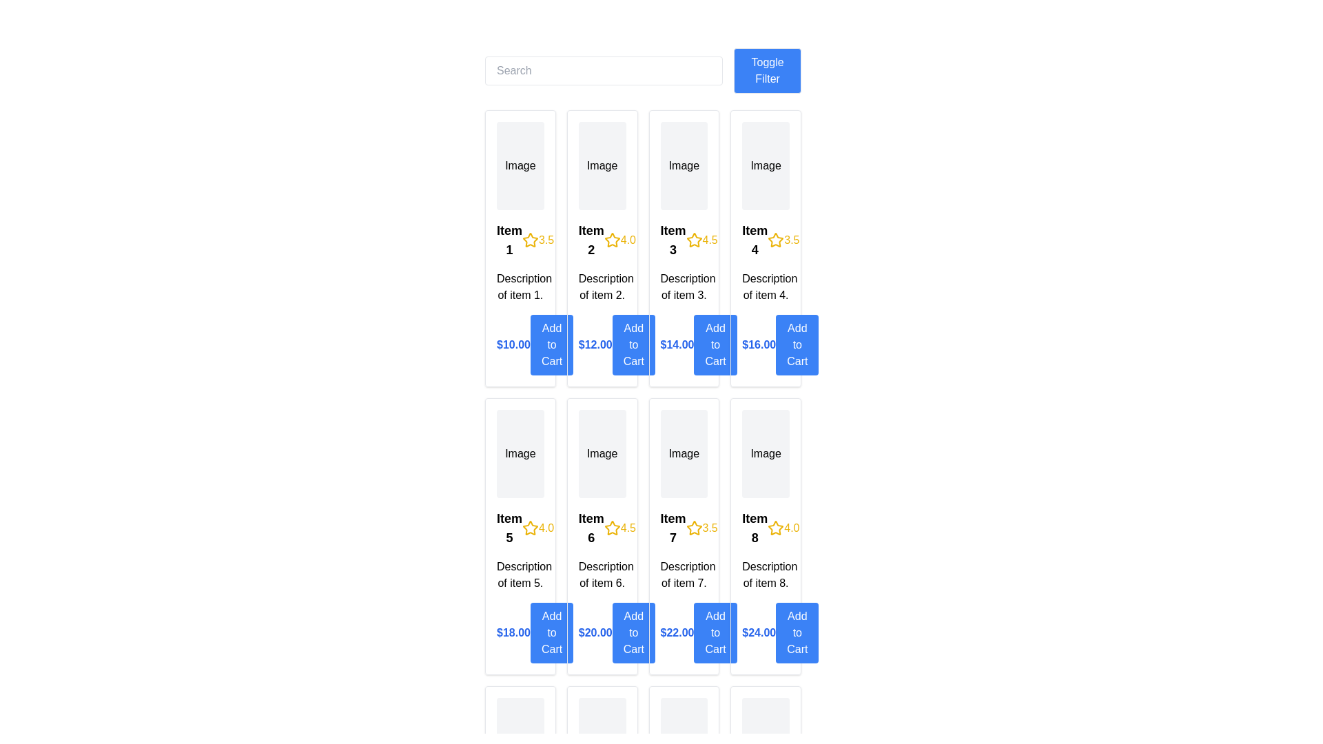 The width and height of the screenshot is (1323, 744). Describe the element at coordinates (776, 527) in the screenshot. I see `the fourth star in the five-star rating component for 'Item 8' to interact with the rating` at that location.